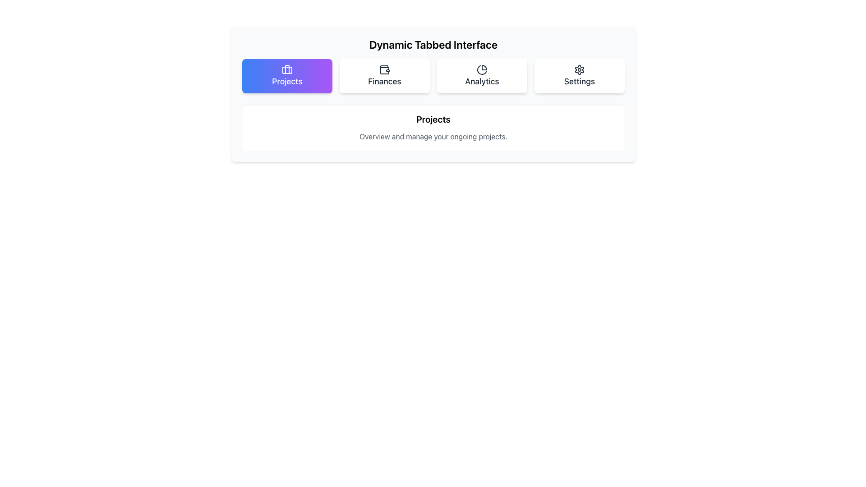 This screenshot has height=487, width=866. Describe the element at coordinates (580, 82) in the screenshot. I see `text label displaying 'Settings' located below the gear icon in the navigation row` at that location.